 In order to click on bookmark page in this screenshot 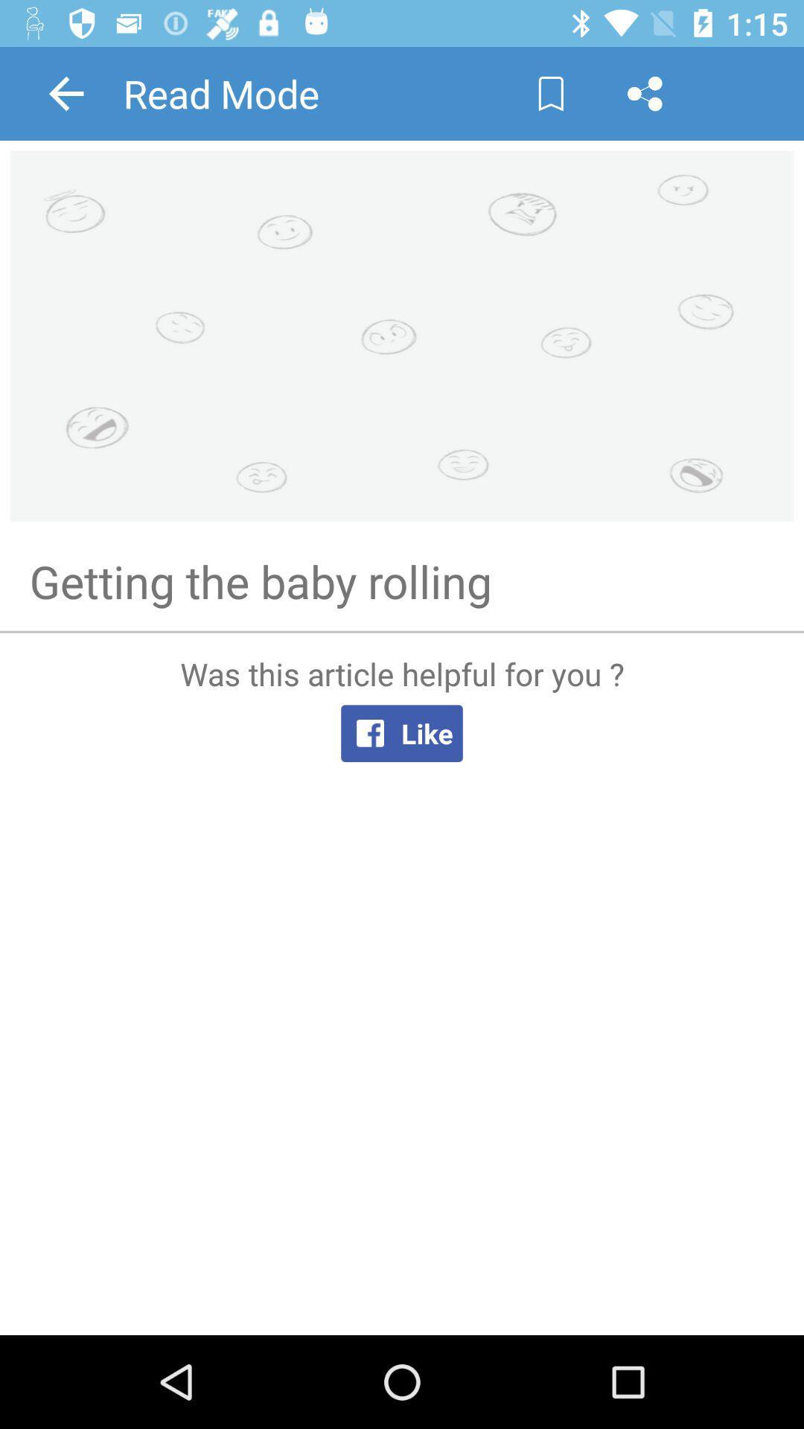, I will do `click(551, 92)`.